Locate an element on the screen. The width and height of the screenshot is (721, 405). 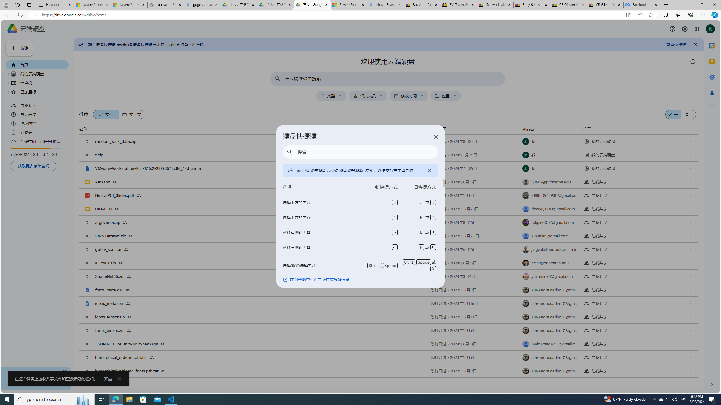
'Buy Auto Parts & Accessories | eBay' is located at coordinates (422, 4).